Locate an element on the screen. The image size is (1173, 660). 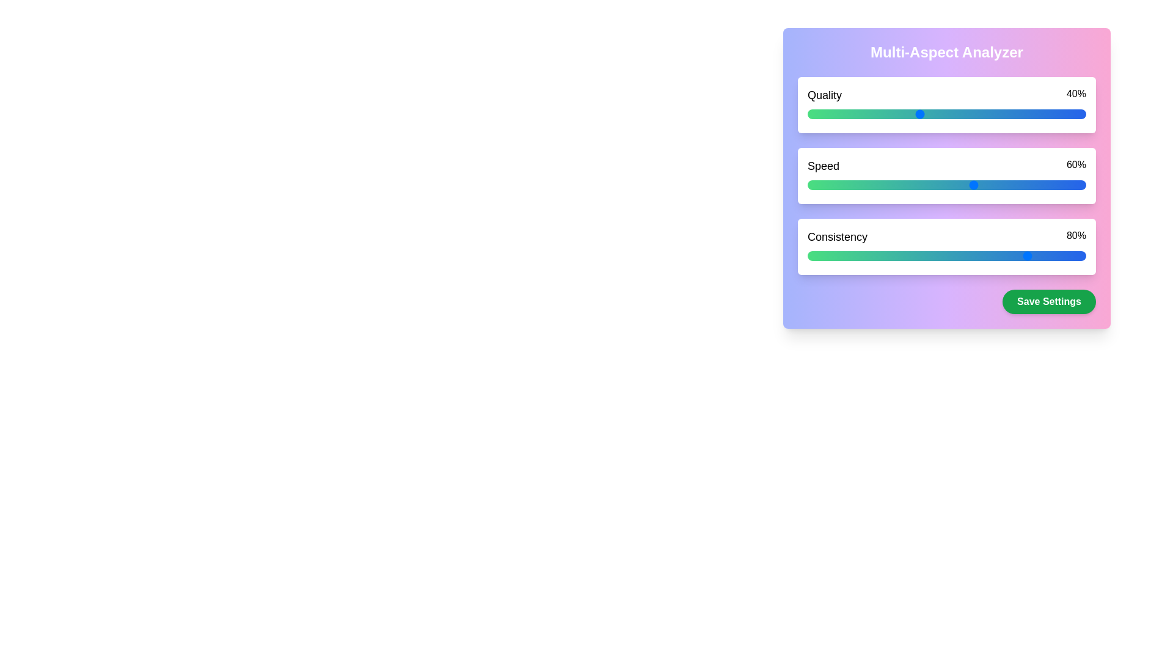
quality is located at coordinates (1032, 114).